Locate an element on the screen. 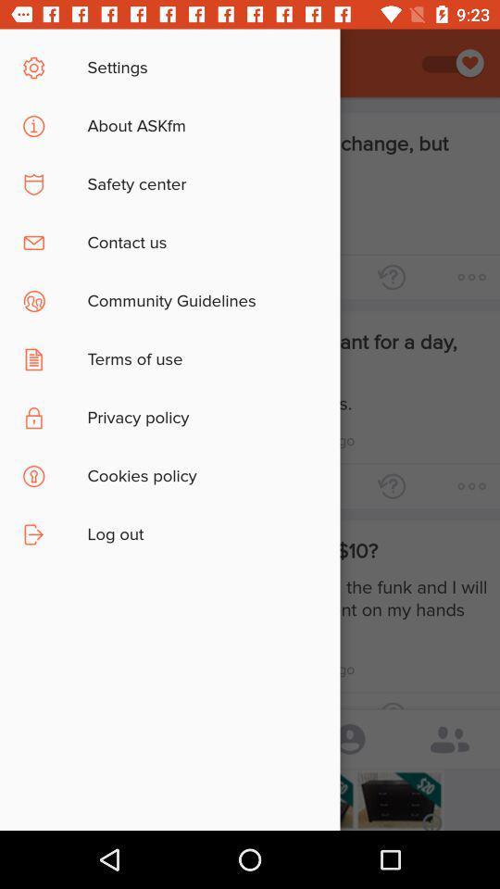  the option below cookies policy is located at coordinates (257, 545).